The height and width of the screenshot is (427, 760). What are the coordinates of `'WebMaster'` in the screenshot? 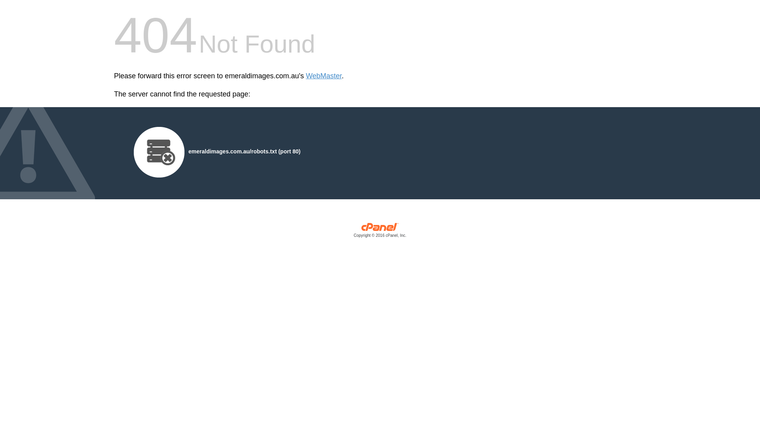 It's located at (324, 76).